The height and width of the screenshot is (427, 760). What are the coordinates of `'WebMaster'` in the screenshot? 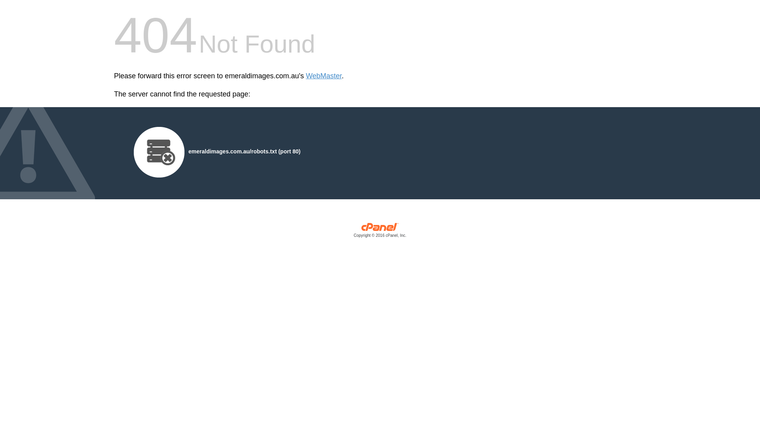 It's located at (324, 76).